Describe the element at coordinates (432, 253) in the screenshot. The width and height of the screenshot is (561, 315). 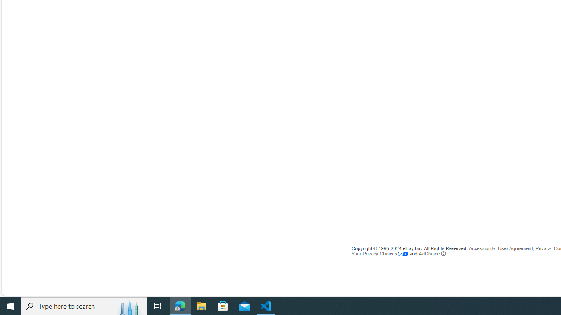
I see `'AdChoice'` at that location.